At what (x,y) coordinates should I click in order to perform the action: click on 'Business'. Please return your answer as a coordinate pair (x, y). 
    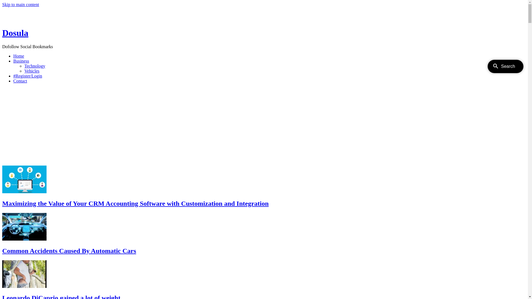
    Looking at the image, I should click on (21, 61).